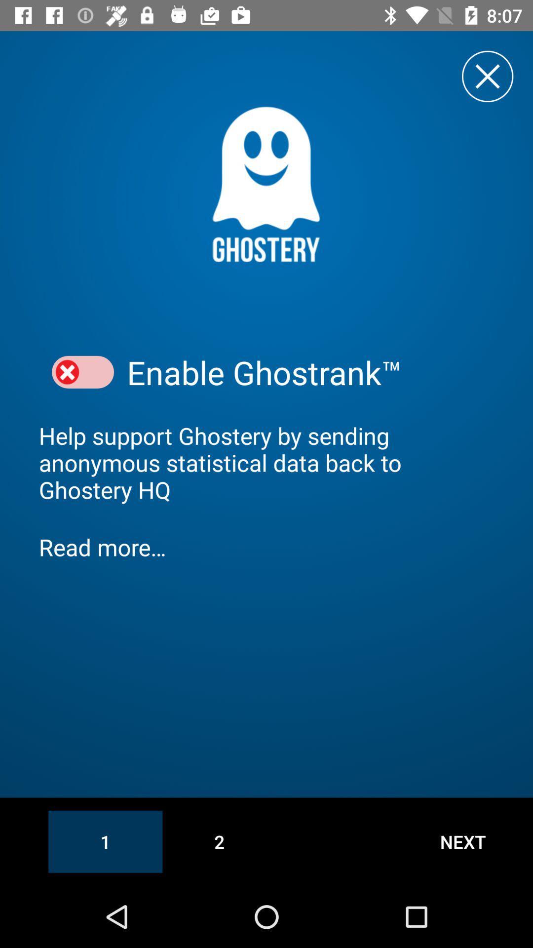  What do you see at coordinates (219, 841) in the screenshot?
I see `item to the right of 1 item` at bounding box center [219, 841].